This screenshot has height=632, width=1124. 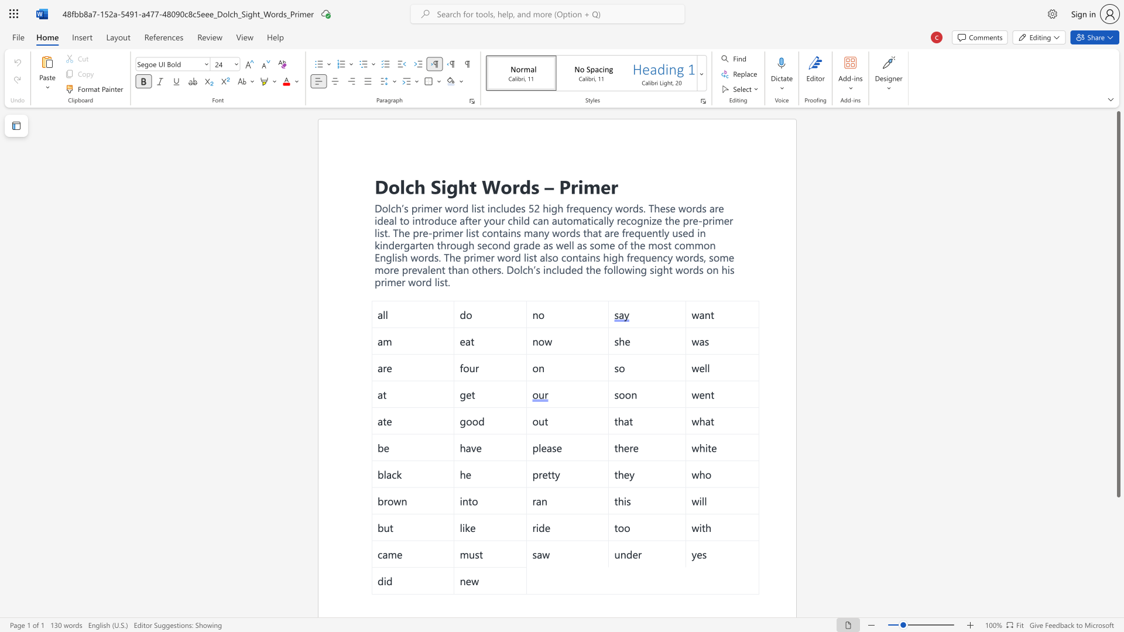 I want to click on the 3th character "a" in the text, so click(x=607, y=232).